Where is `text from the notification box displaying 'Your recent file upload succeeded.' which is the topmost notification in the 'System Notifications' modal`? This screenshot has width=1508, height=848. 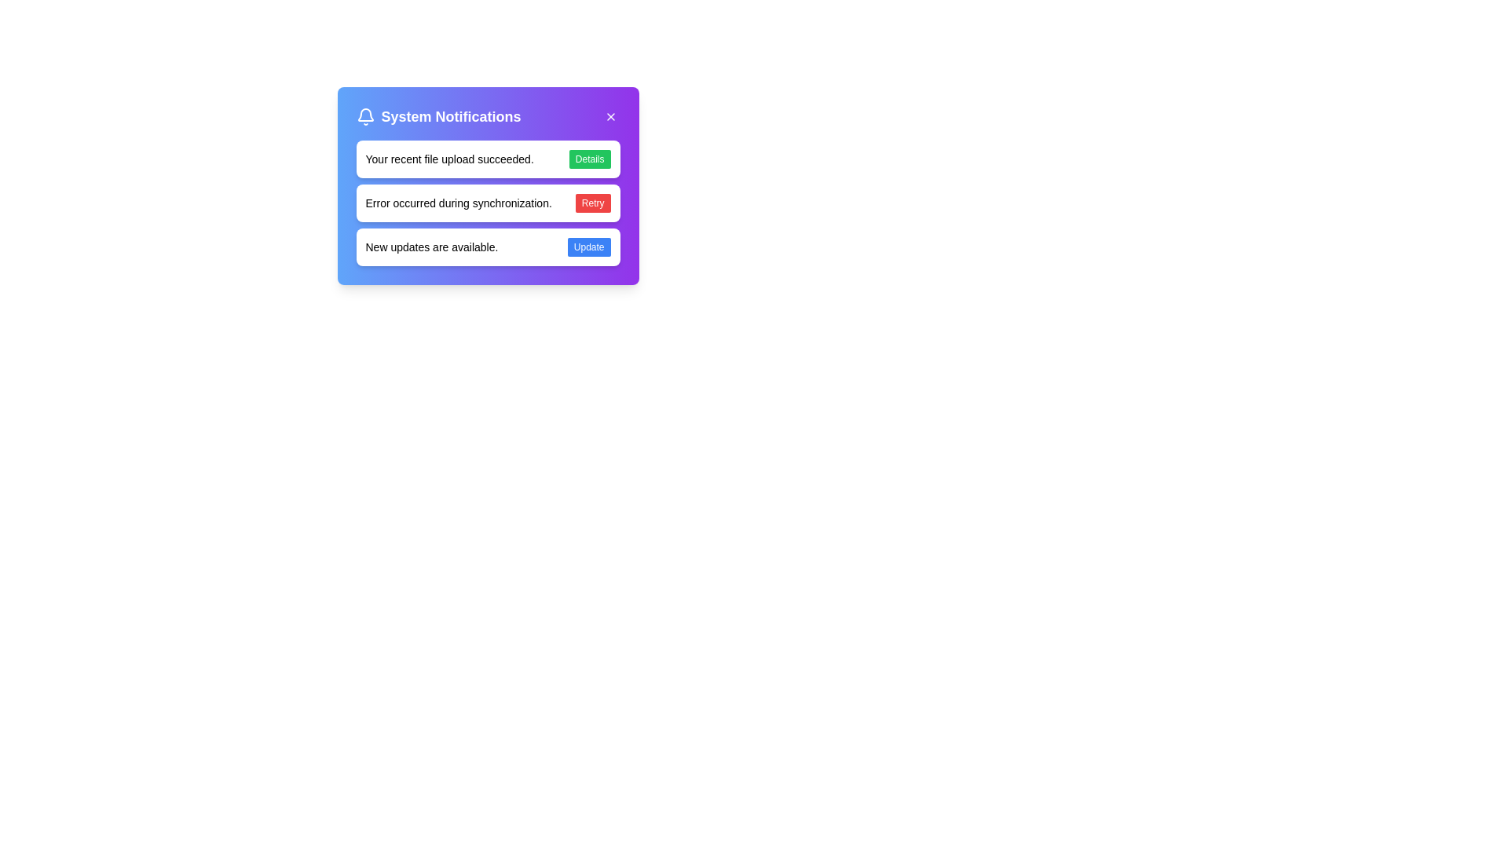 text from the notification box displaying 'Your recent file upload succeeded.' which is the topmost notification in the 'System Notifications' modal is located at coordinates (487, 159).